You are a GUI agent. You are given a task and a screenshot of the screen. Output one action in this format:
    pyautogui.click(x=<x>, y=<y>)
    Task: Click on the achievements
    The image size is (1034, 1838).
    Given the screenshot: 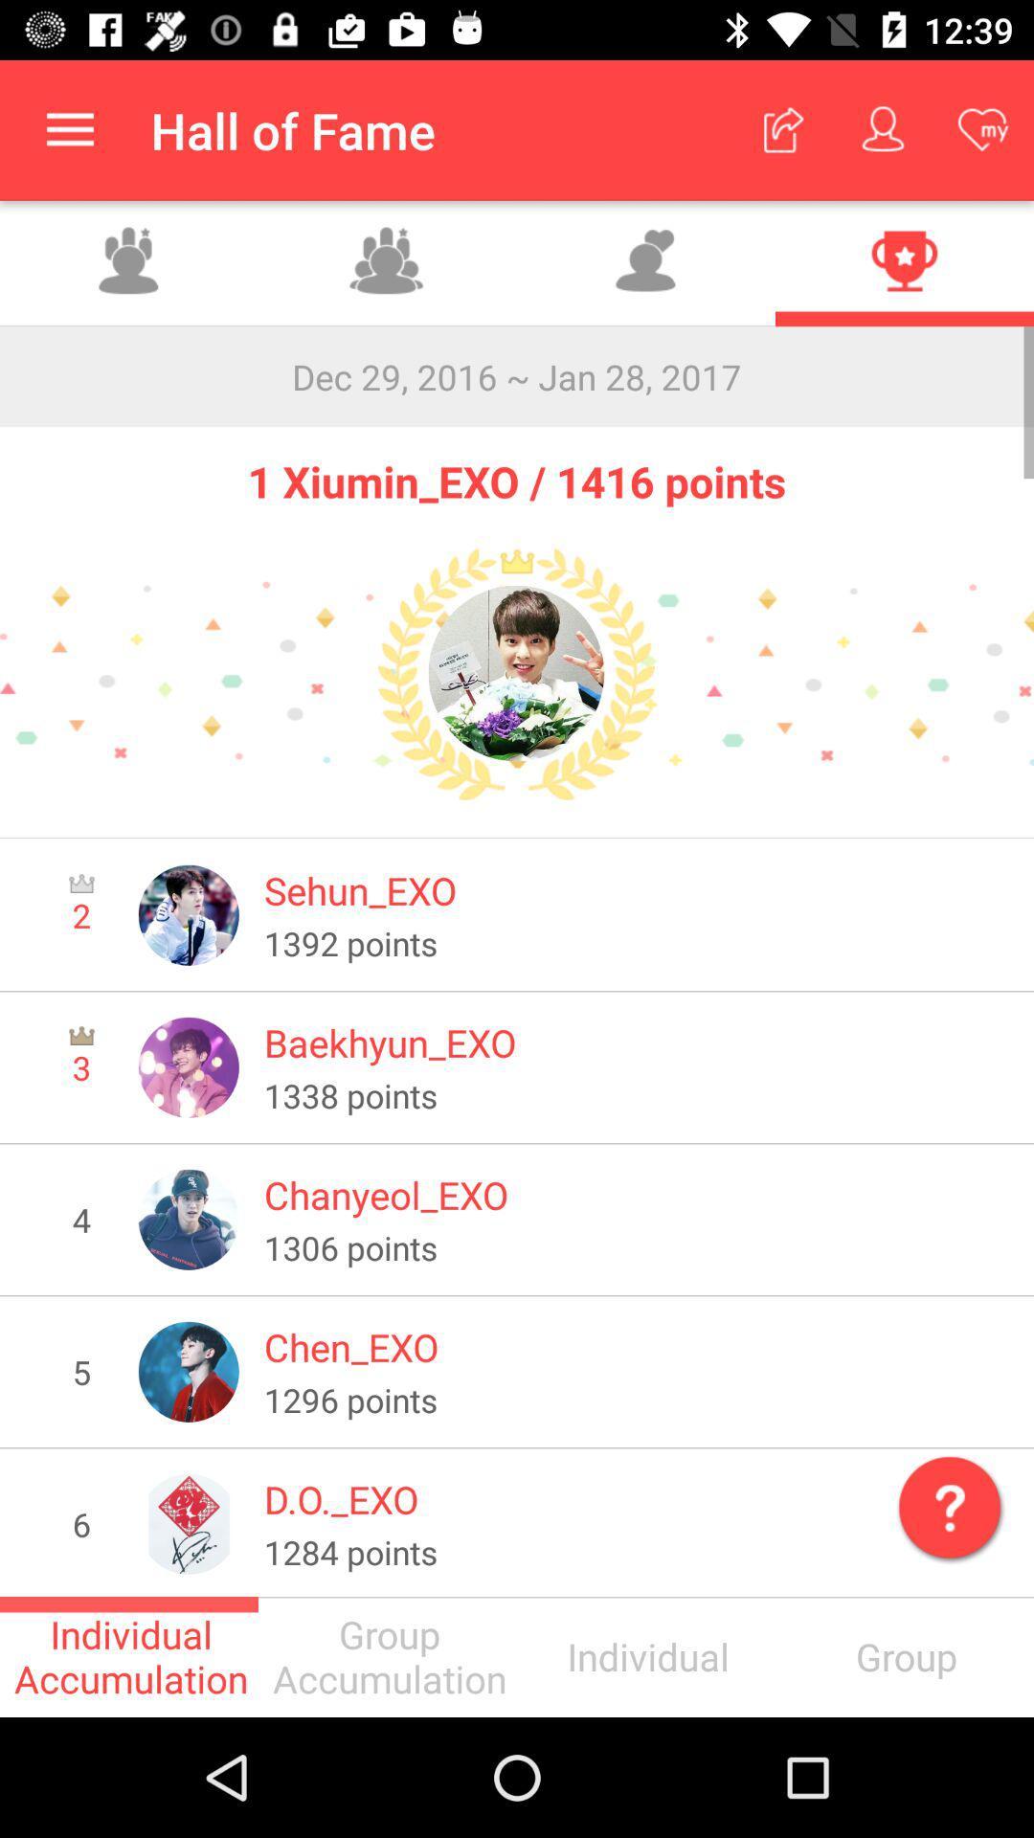 What is the action you would take?
    pyautogui.click(x=905, y=262)
    